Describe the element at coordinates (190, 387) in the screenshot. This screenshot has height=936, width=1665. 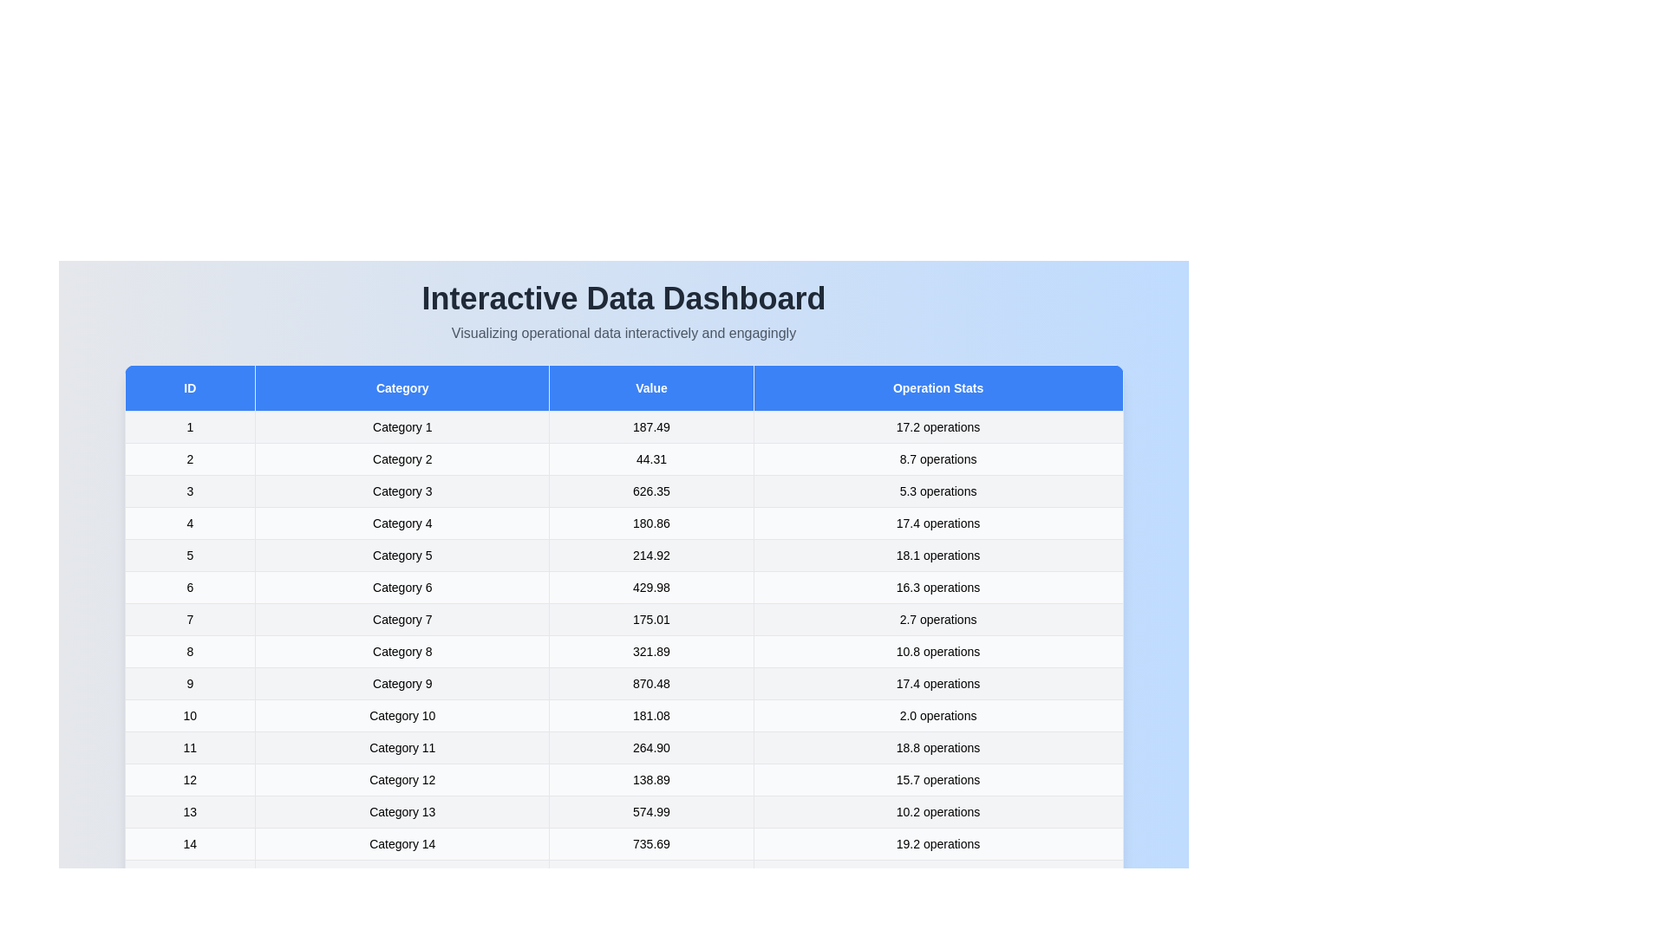
I see `the ID header to interact with it` at that location.